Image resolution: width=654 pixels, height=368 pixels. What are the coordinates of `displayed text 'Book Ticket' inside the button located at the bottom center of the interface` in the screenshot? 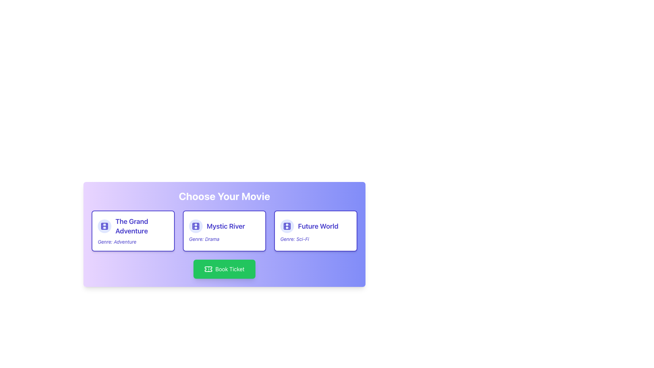 It's located at (230, 269).